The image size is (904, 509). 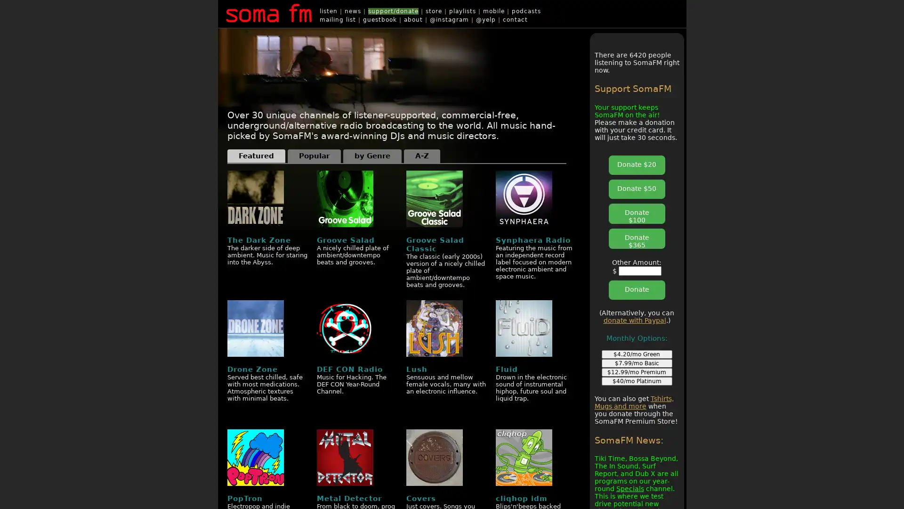 I want to click on Donate $20, so click(x=637, y=164).